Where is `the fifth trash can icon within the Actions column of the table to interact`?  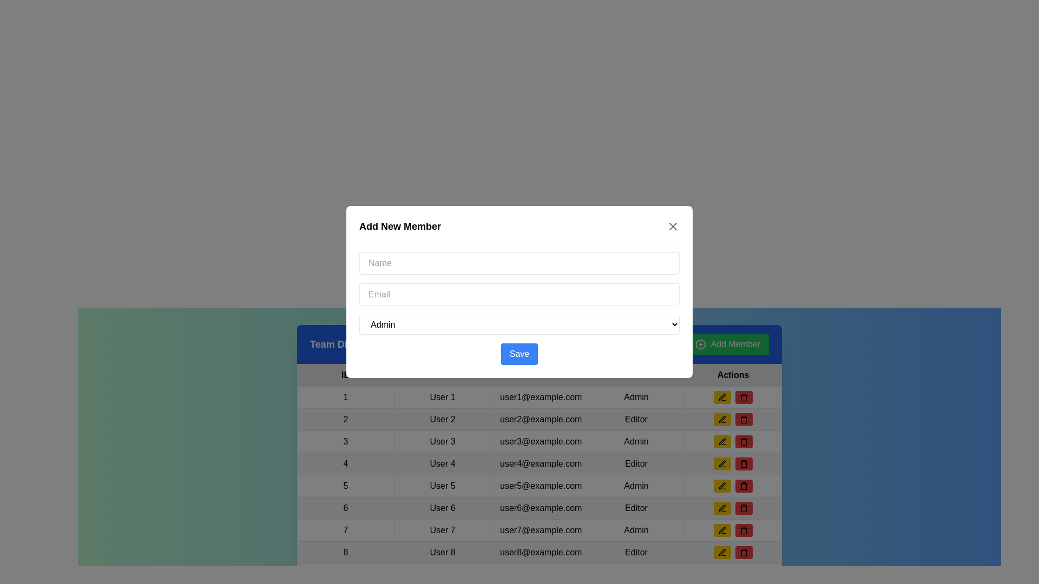
the fifth trash can icon within the Actions column of the table to interact is located at coordinates (743, 442).